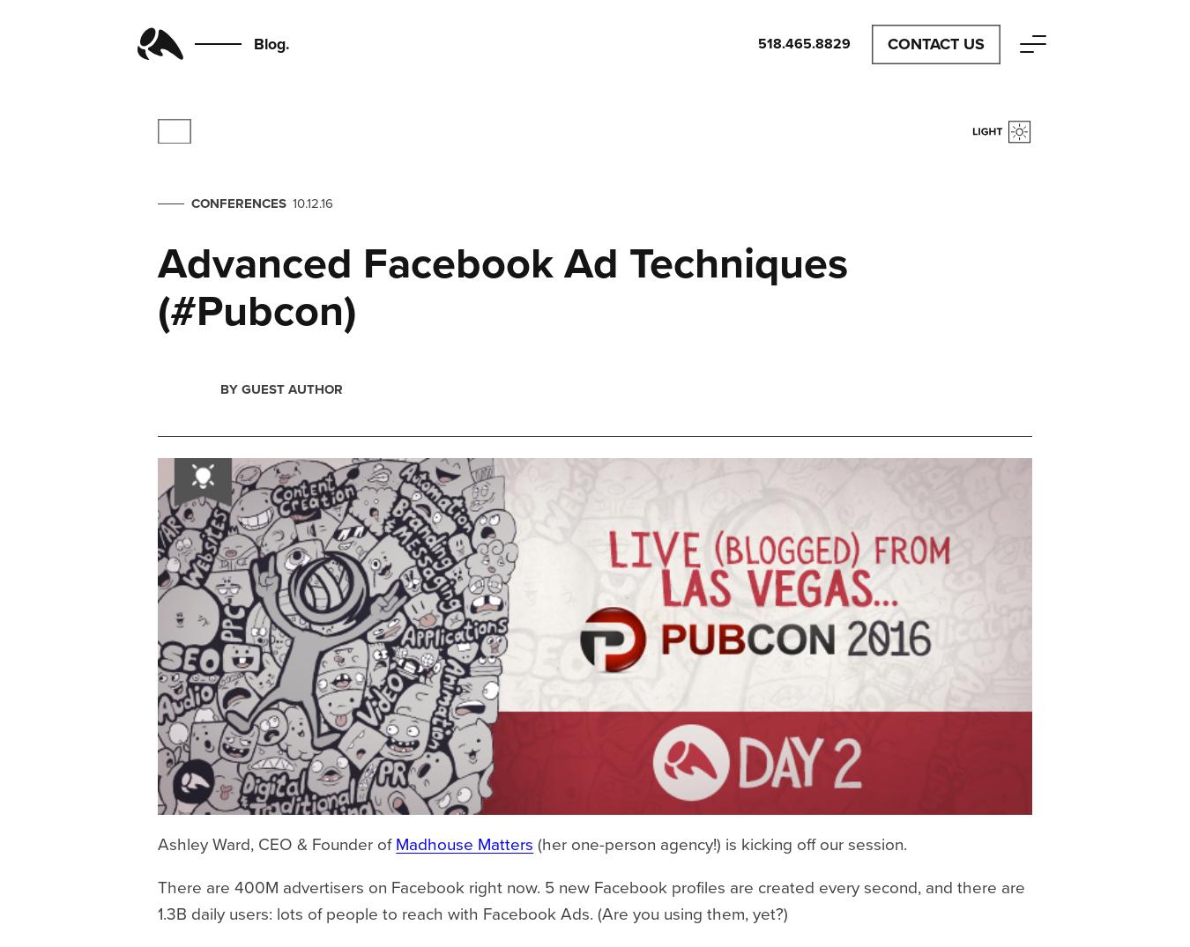  I want to click on 'Contact Us', so click(886, 42).